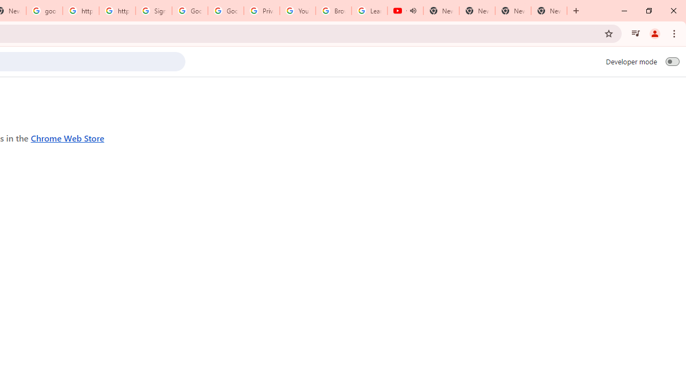 The height and width of the screenshot is (386, 686). What do you see at coordinates (80, 11) in the screenshot?
I see `'https://scholar.google.com/'` at bounding box center [80, 11].